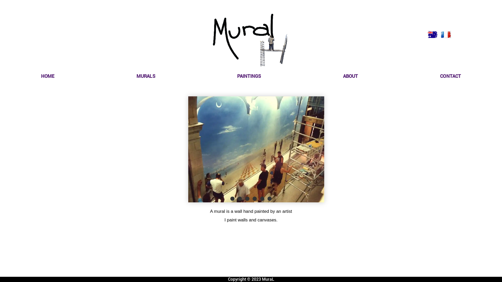 This screenshot has width=502, height=282. Describe the element at coordinates (232, 198) in the screenshot. I see `'Go to slide 1'` at that location.